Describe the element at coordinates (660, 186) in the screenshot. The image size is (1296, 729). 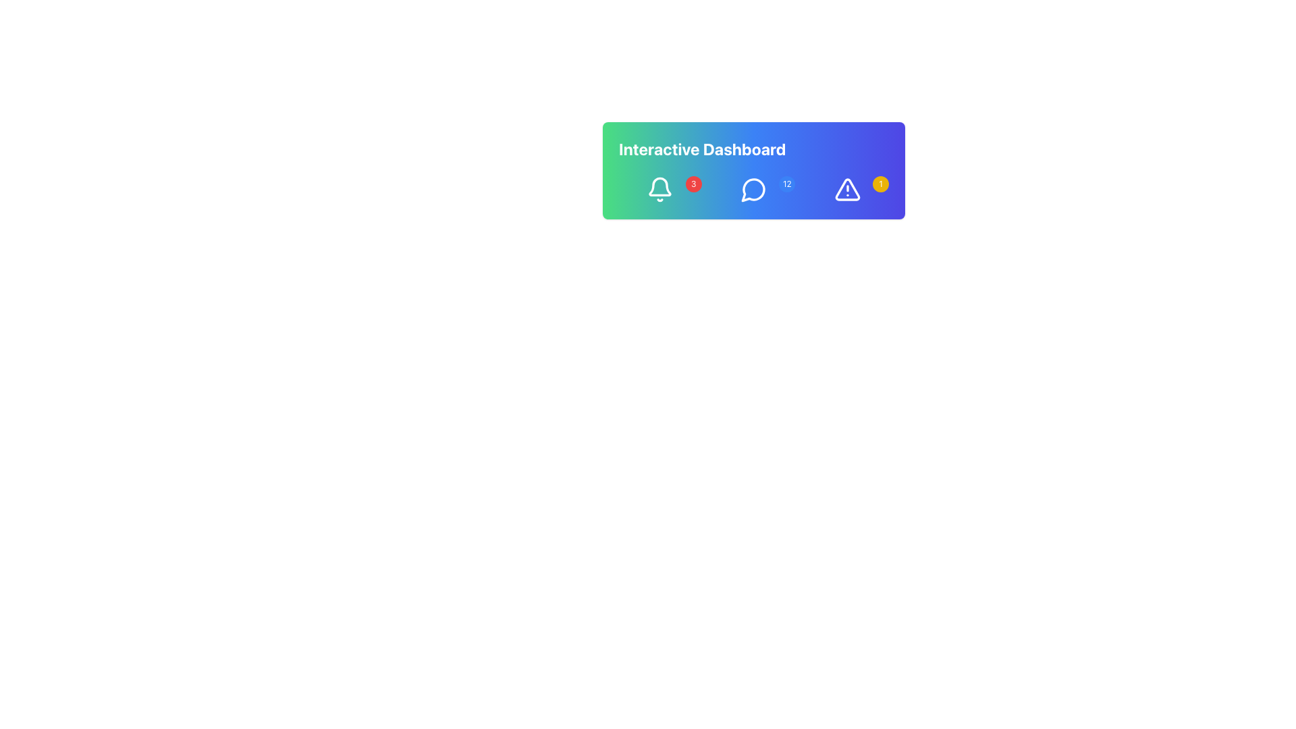
I see `the bell icon located in the first position from the left in the blue to green gradient header bar labeled 'Interactive Dashboard'` at that location.